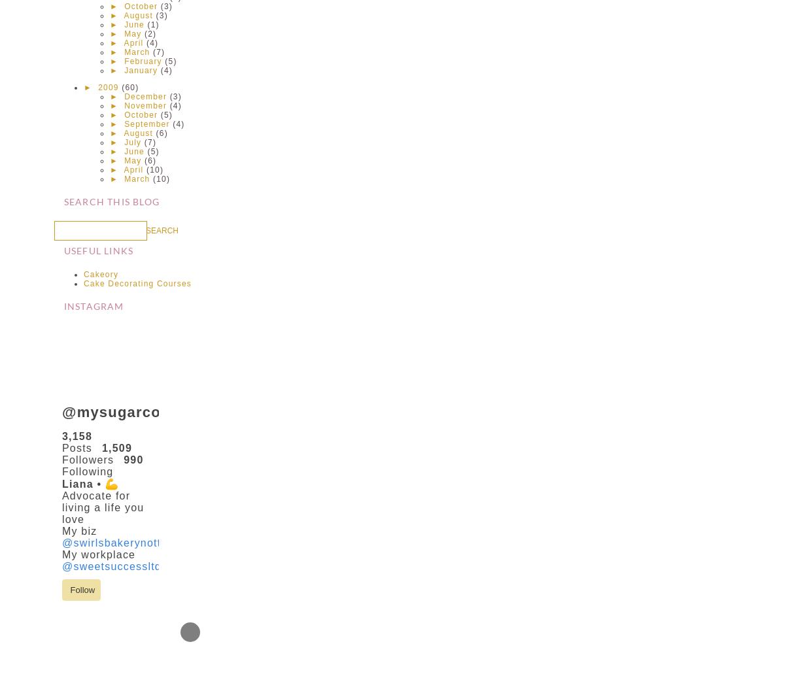 Image resolution: width=790 pixels, height=676 pixels. What do you see at coordinates (101, 274) in the screenshot?
I see `'Cakeory'` at bounding box center [101, 274].